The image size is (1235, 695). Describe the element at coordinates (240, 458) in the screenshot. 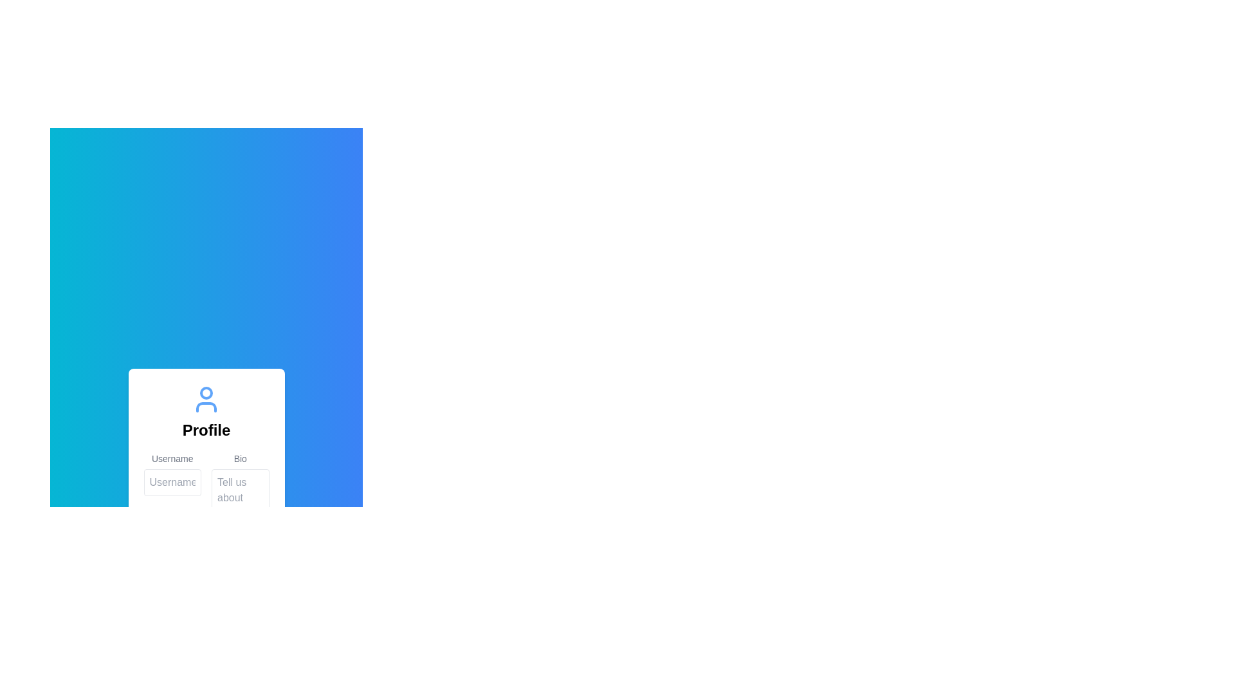

I see `the static text label displaying 'Bio', which is styled with a small text size and gray color, positioned above the multi-line text input box labeled 'Tell us about yourself...'` at that location.